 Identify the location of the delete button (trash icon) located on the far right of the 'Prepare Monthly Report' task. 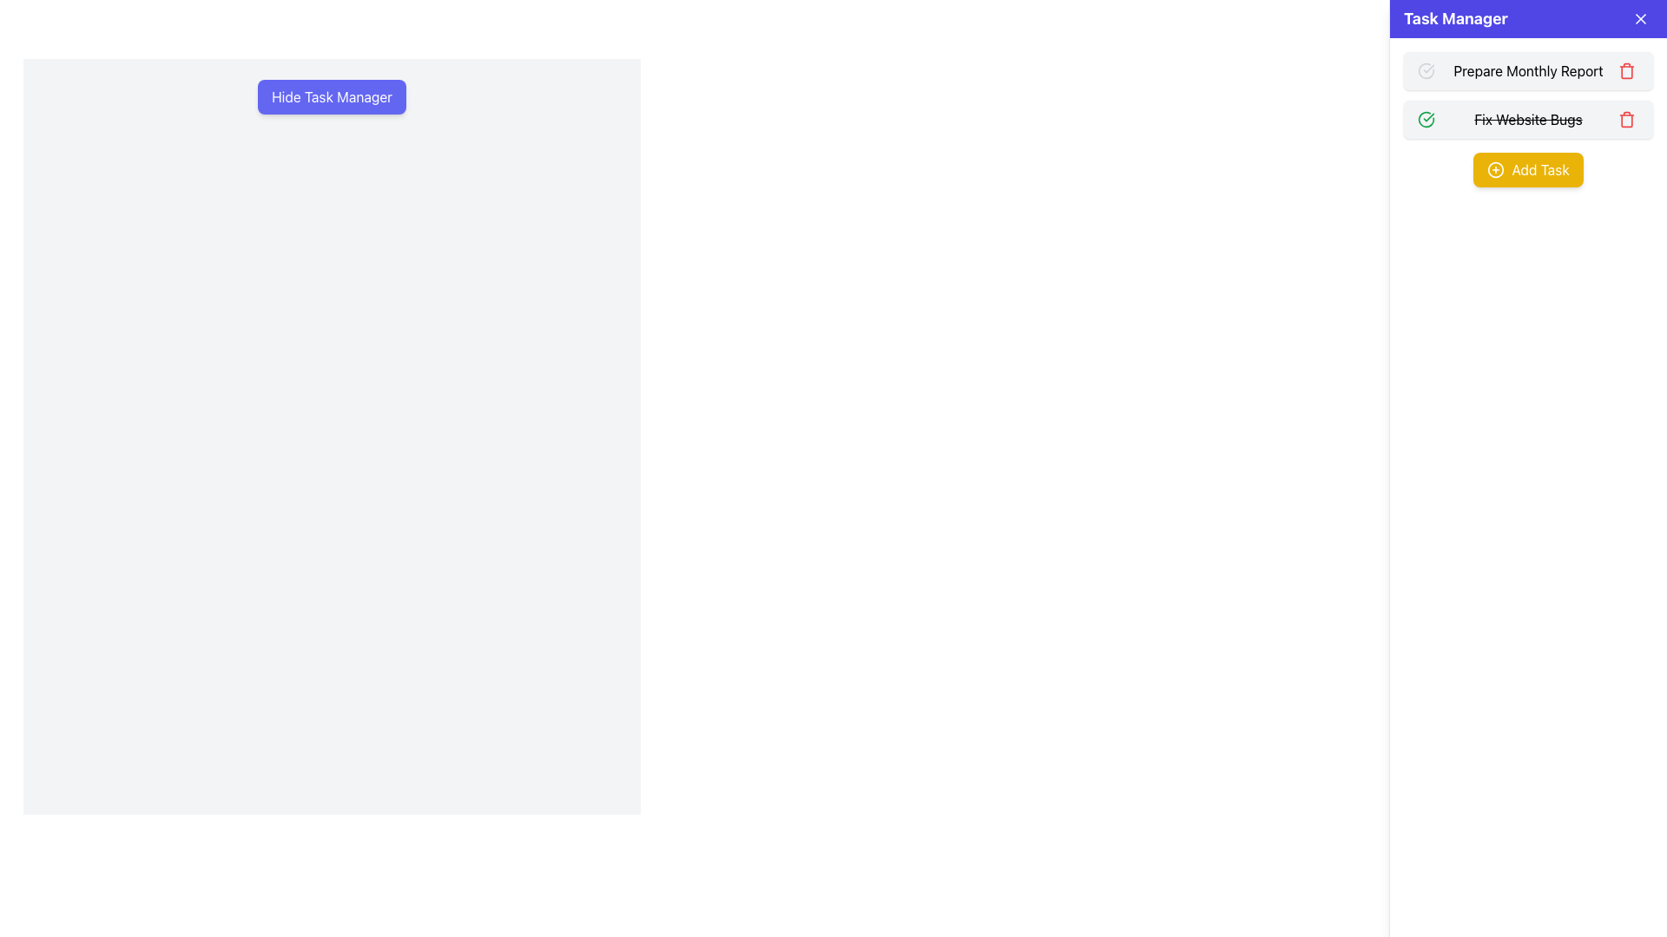
(1625, 69).